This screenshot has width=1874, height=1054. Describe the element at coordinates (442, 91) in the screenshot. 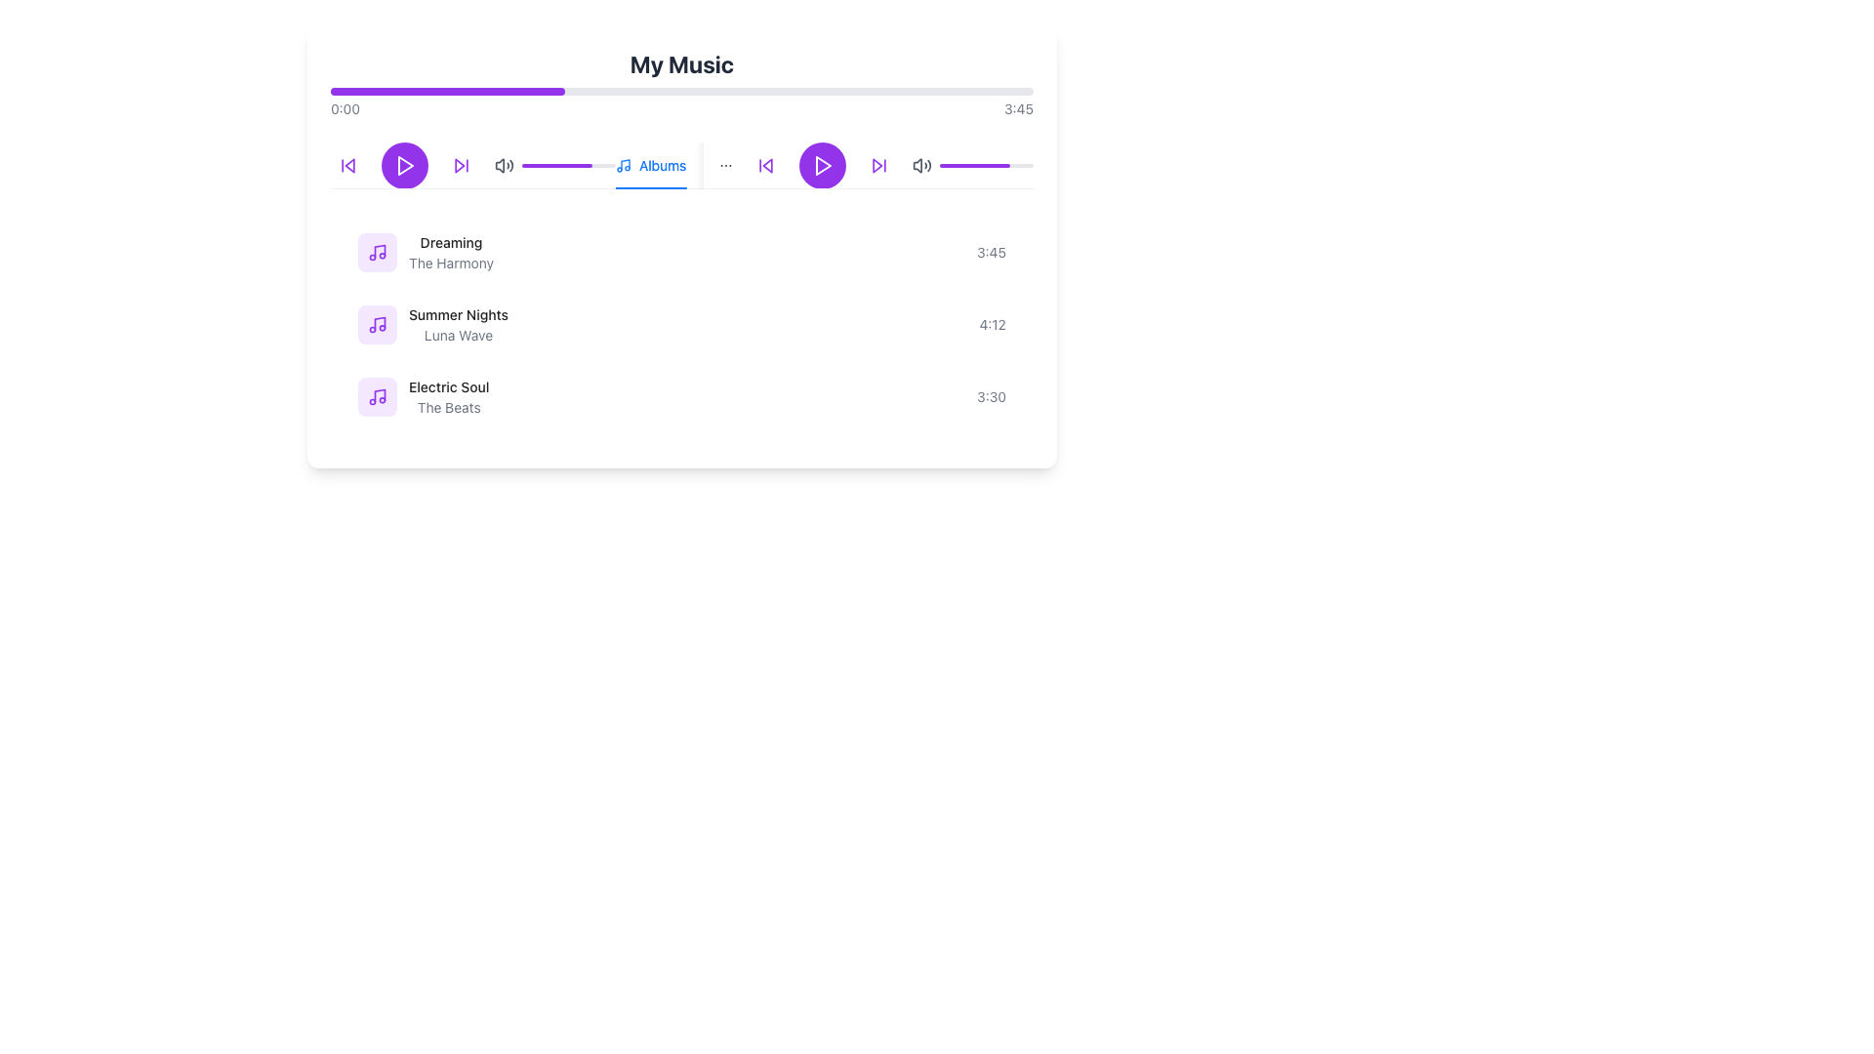

I see `the media progress` at that location.